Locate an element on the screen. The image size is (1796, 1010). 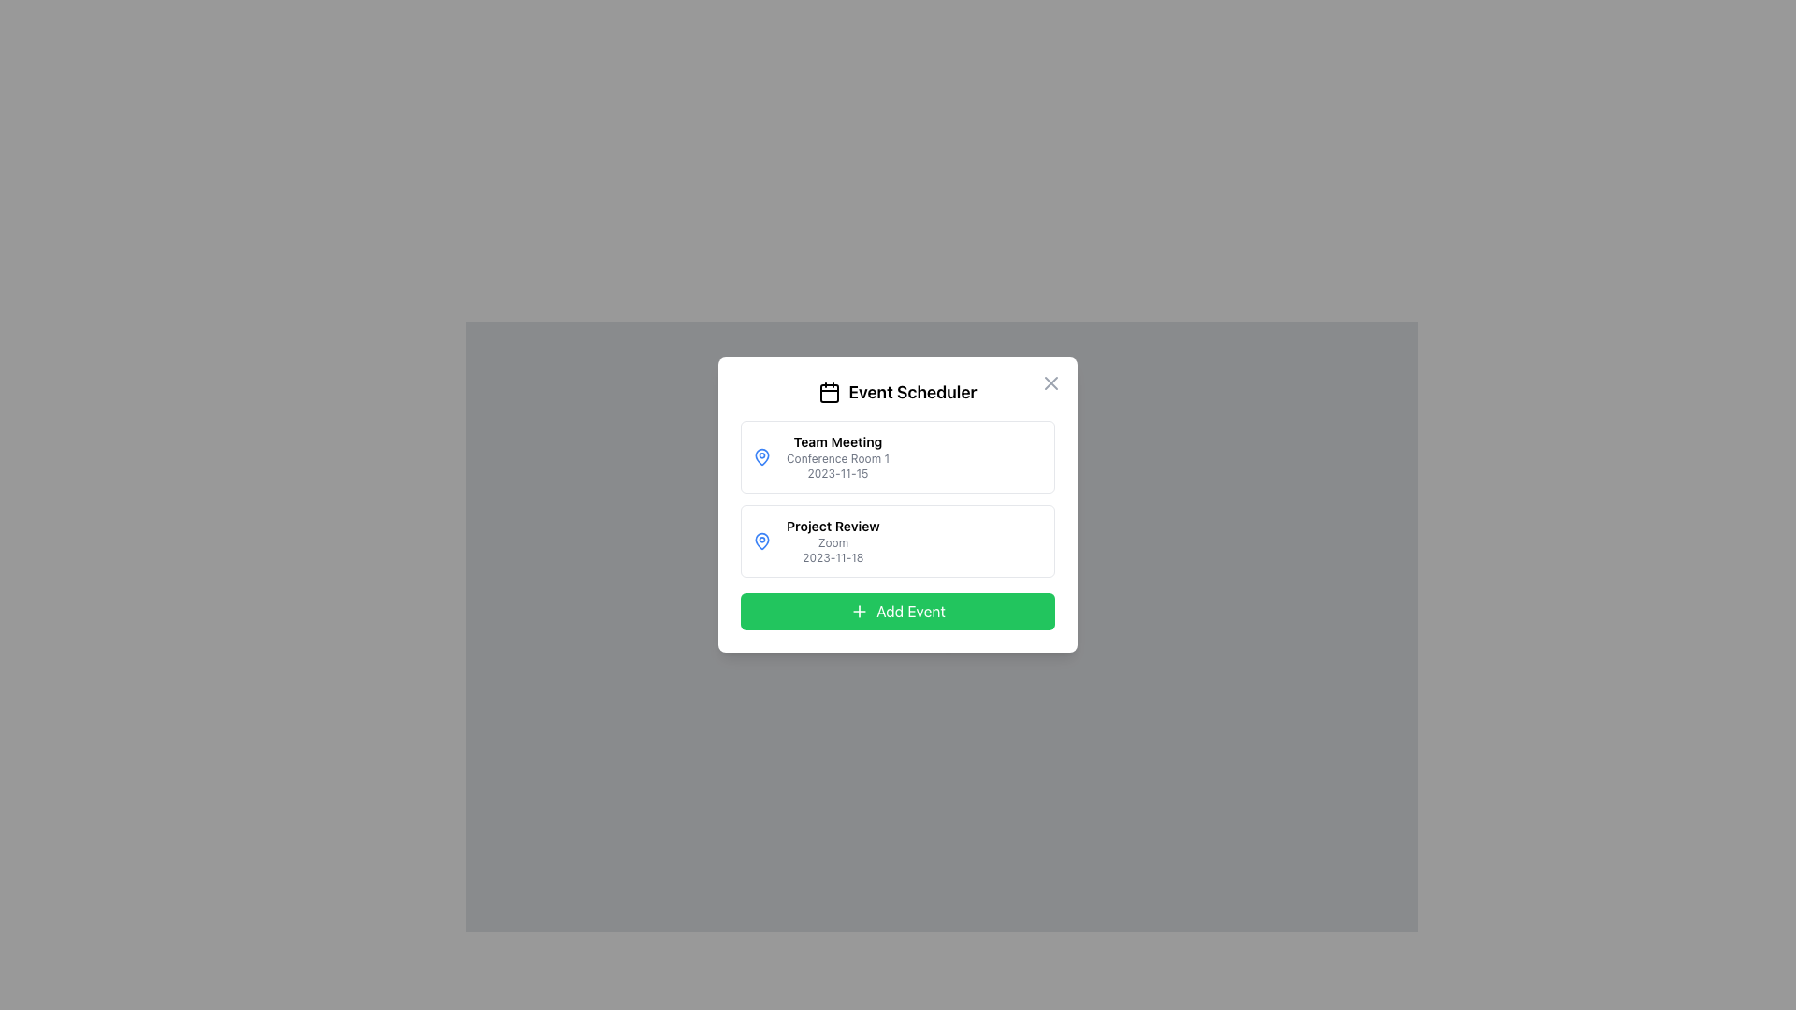
the first event item card in the 'Event Scheduler' interface which displays the title 'Team Meeting', location 'Conference Room 1', and date '2023-11-15' is located at coordinates (898, 457).